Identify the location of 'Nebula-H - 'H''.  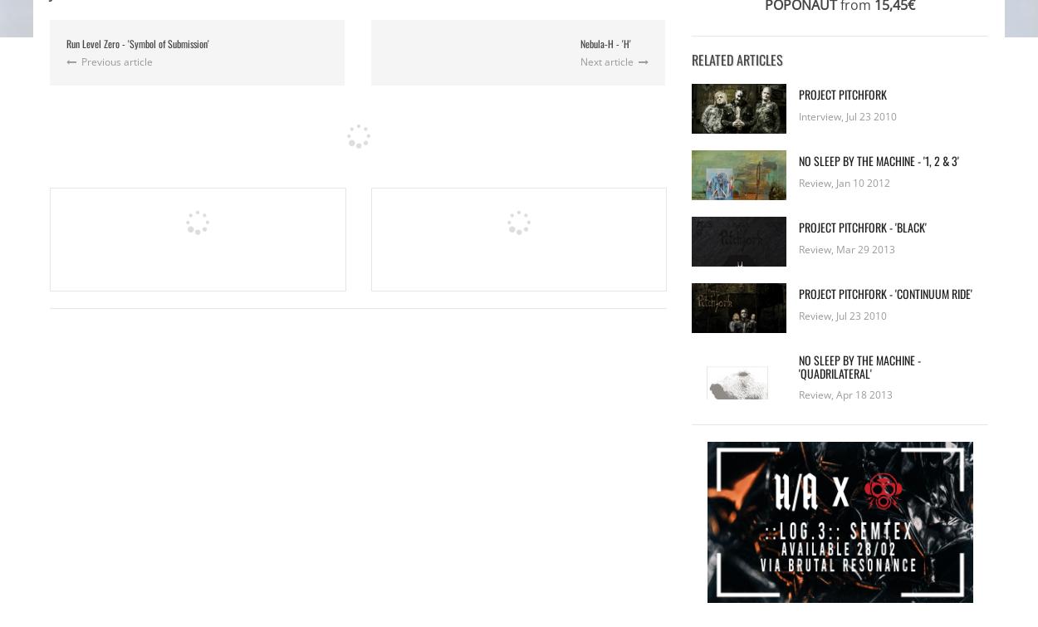
(605, 42).